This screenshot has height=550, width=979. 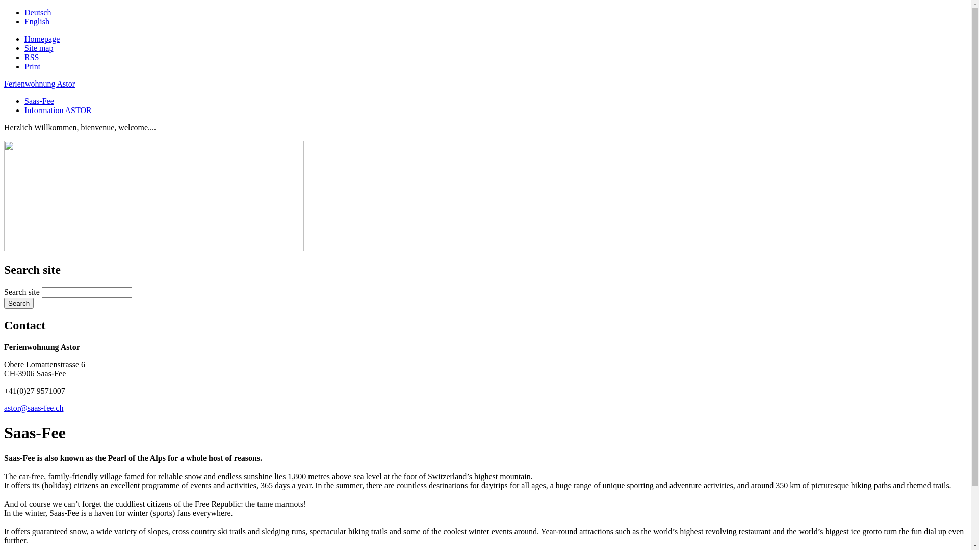 I want to click on 'Information ASTOR', so click(x=58, y=110).